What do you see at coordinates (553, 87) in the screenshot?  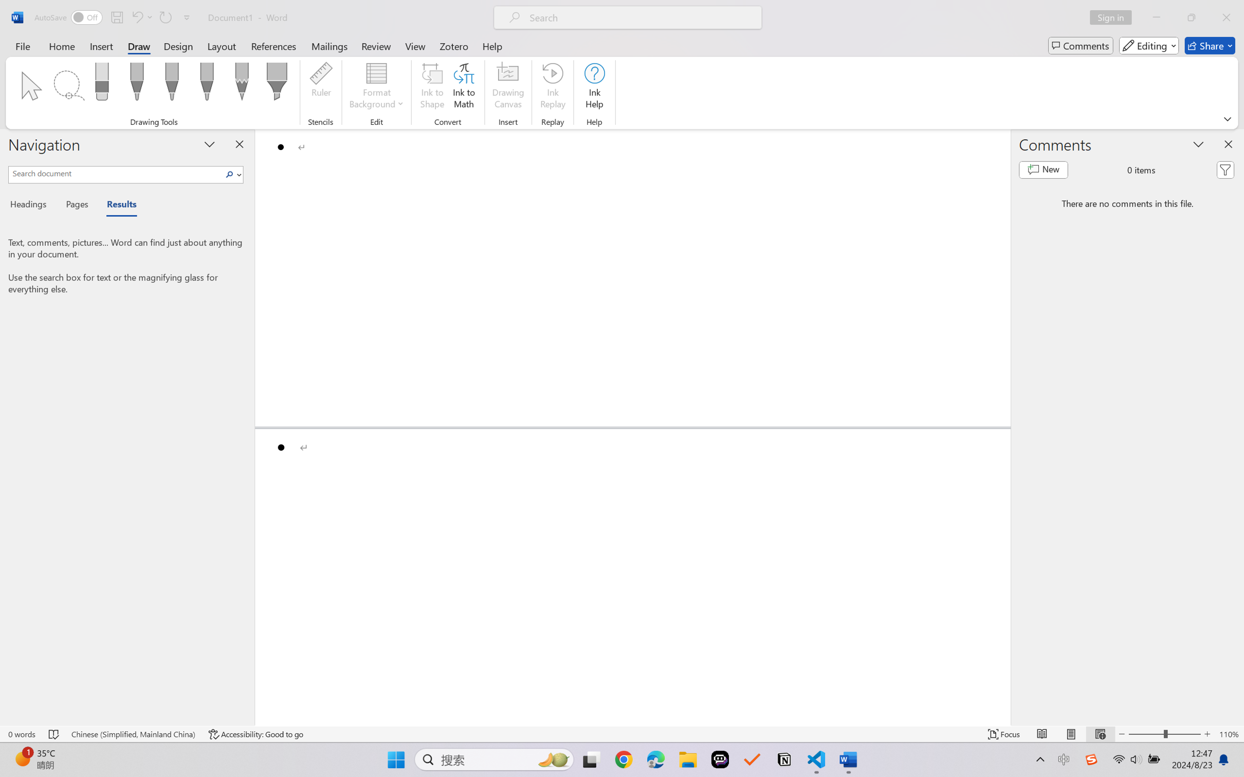 I see `'Ink Replay'` at bounding box center [553, 87].